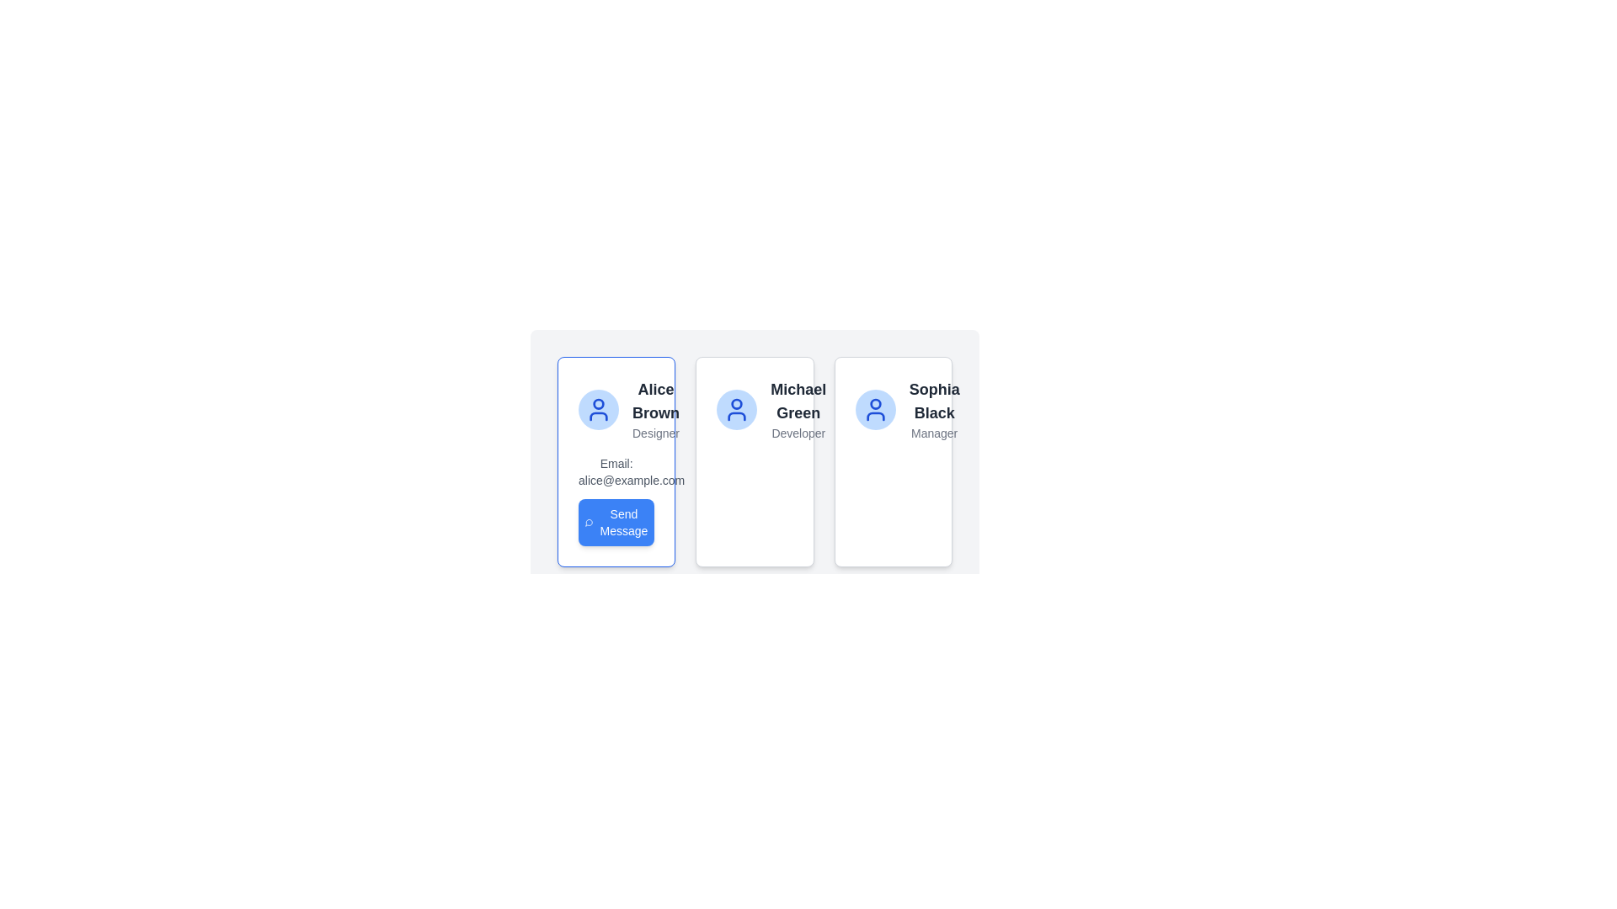 This screenshot has height=909, width=1617. What do you see at coordinates (654, 433) in the screenshot?
I see `the static text label that describes the role or position associated with the user 'Alice Brown', located beneath the name and above the email information in the user profile card` at bounding box center [654, 433].